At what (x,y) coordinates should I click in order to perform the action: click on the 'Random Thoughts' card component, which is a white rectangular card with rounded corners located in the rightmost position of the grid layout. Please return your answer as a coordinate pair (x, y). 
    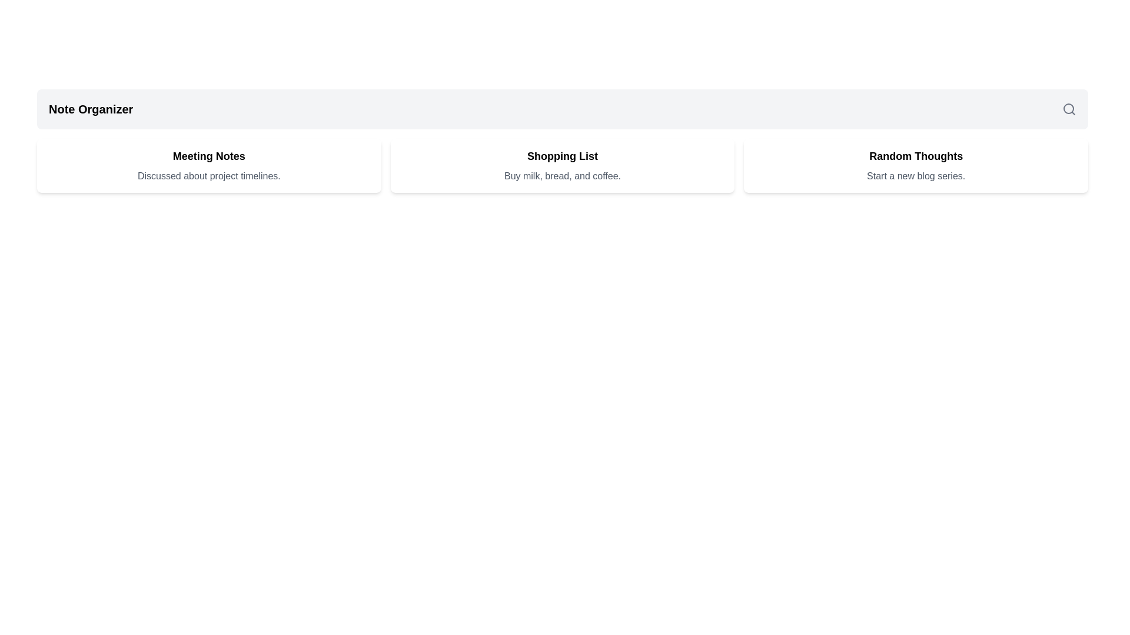
    Looking at the image, I should click on (915, 165).